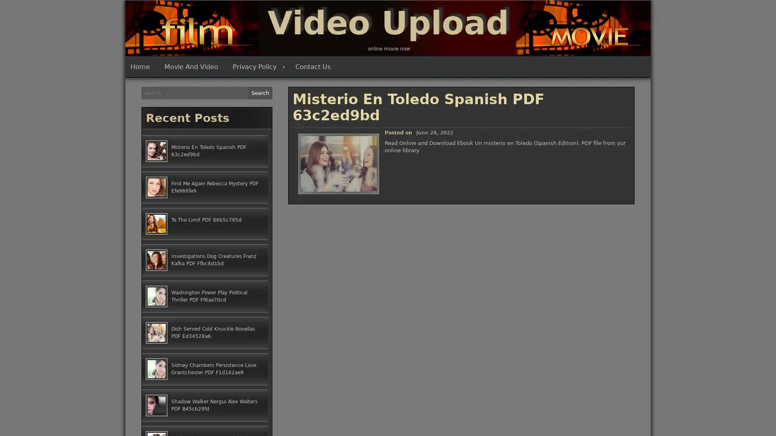 This screenshot has width=776, height=436. I want to click on Search, so click(260, 92).